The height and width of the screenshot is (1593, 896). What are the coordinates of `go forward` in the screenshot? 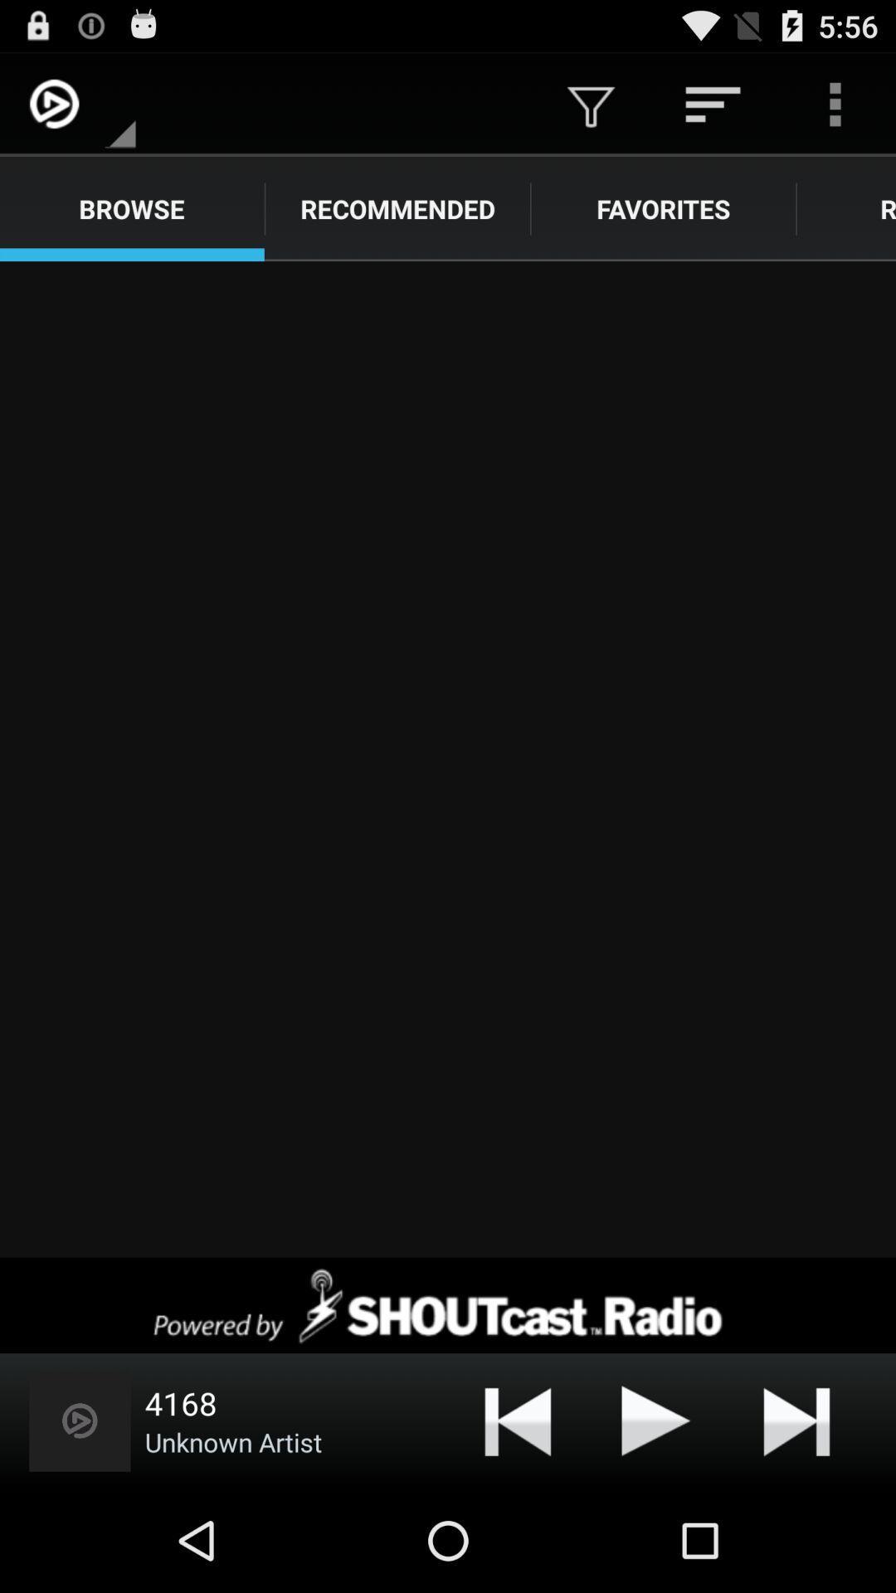 It's located at (448, 758).